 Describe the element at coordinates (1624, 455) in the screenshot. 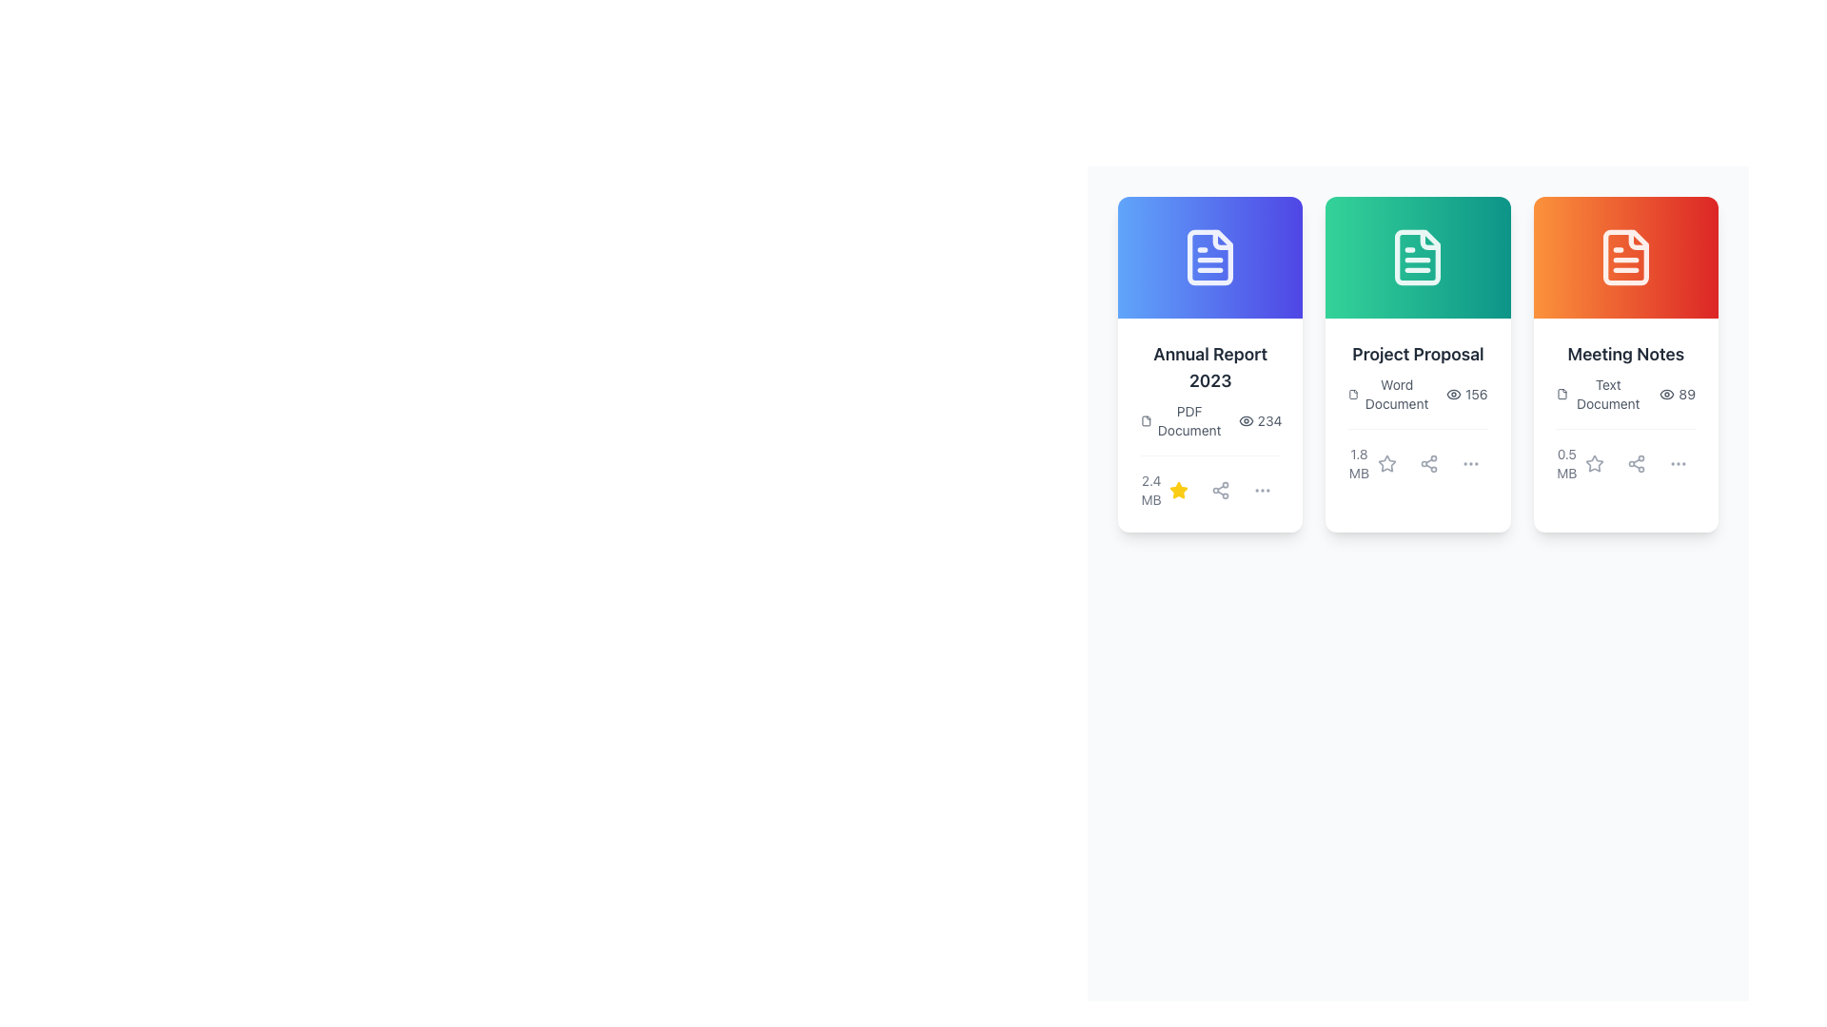

I see `the 'Share' button located in the bottom section of the 'Meeting Notes' card, which is positioned to the right of the star icon and to the left of the three-dot menu` at that location.